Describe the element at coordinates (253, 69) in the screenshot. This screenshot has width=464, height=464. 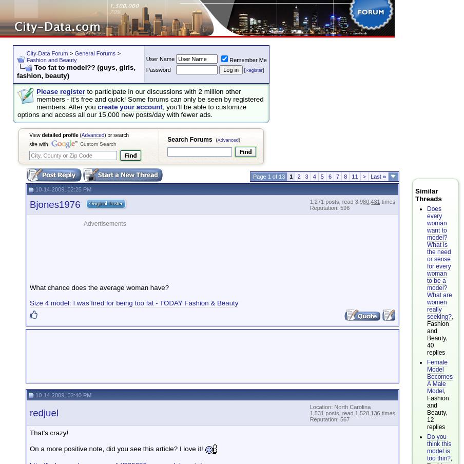
I see `'Register'` at that location.